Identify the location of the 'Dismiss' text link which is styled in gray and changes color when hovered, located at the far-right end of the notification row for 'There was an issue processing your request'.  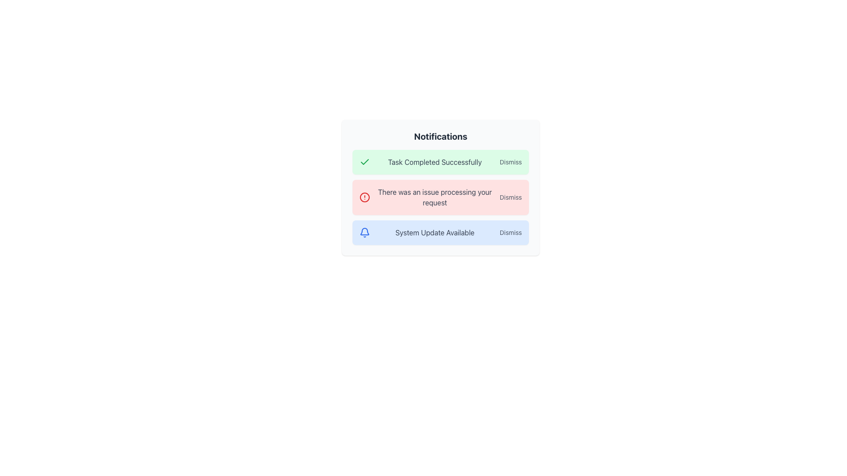
(510, 197).